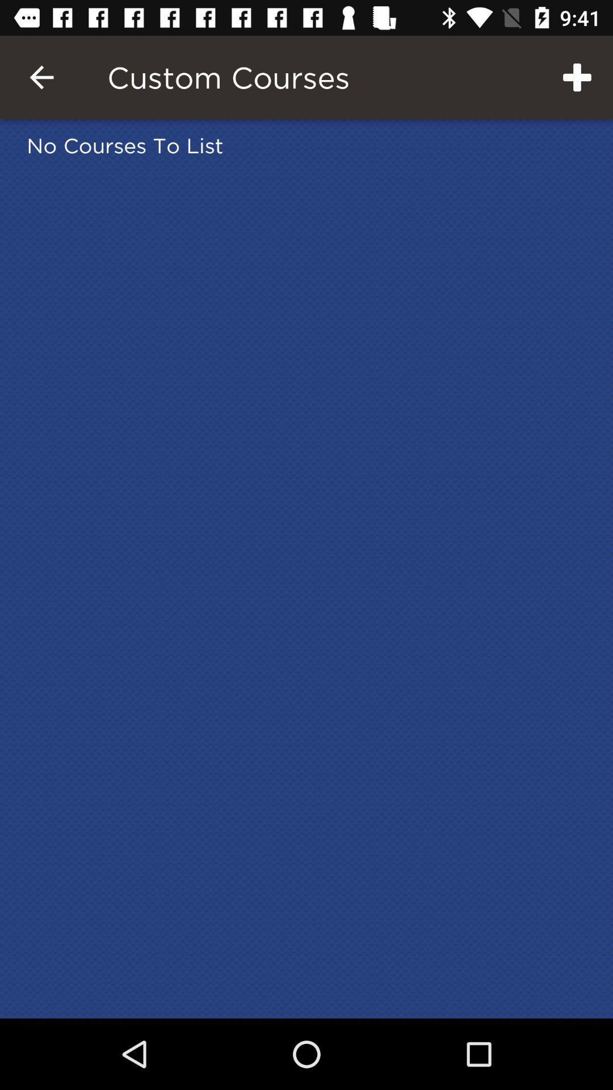  What do you see at coordinates (577, 77) in the screenshot?
I see `item next to the custom courses` at bounding box center [577, 77].